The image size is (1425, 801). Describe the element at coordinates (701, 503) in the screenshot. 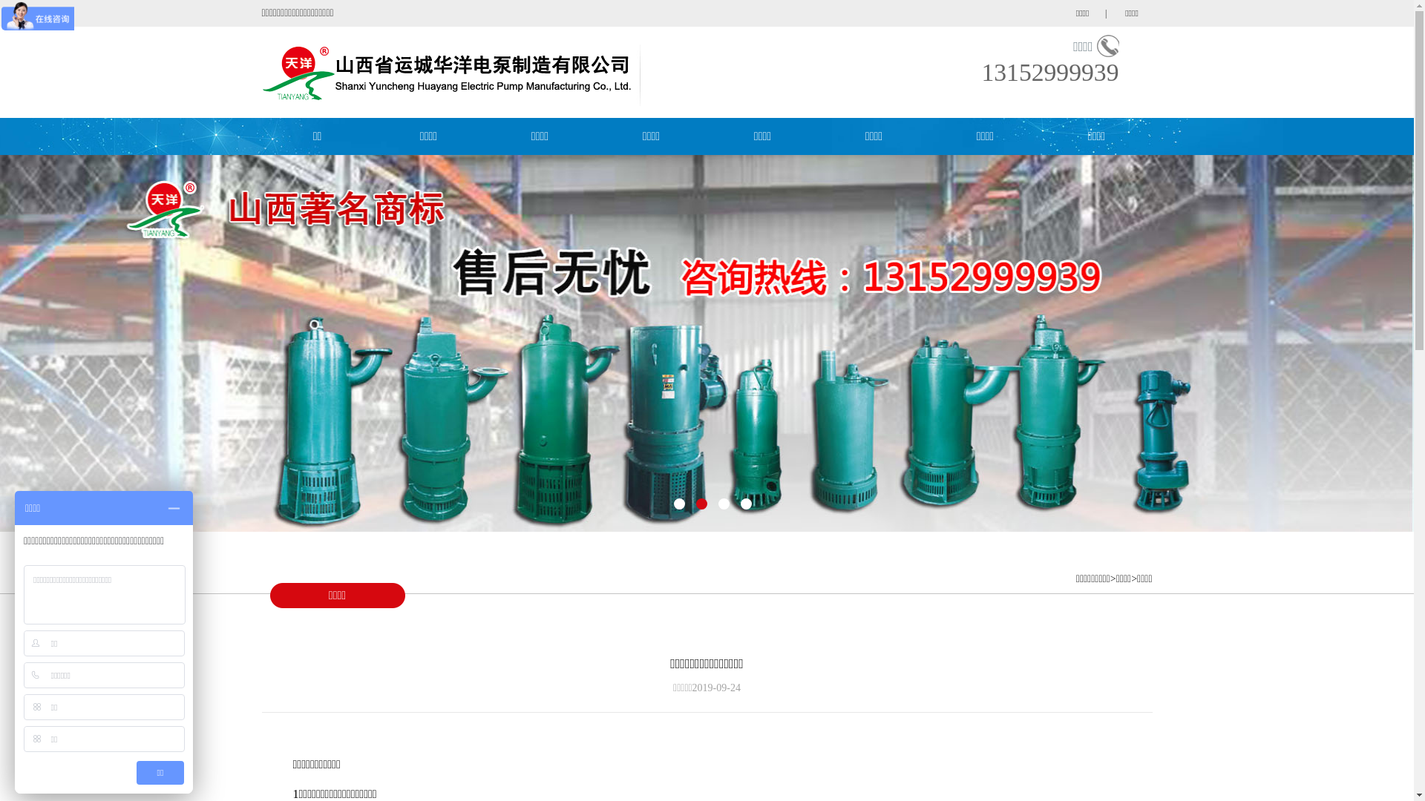

I see `'2'` at that location.